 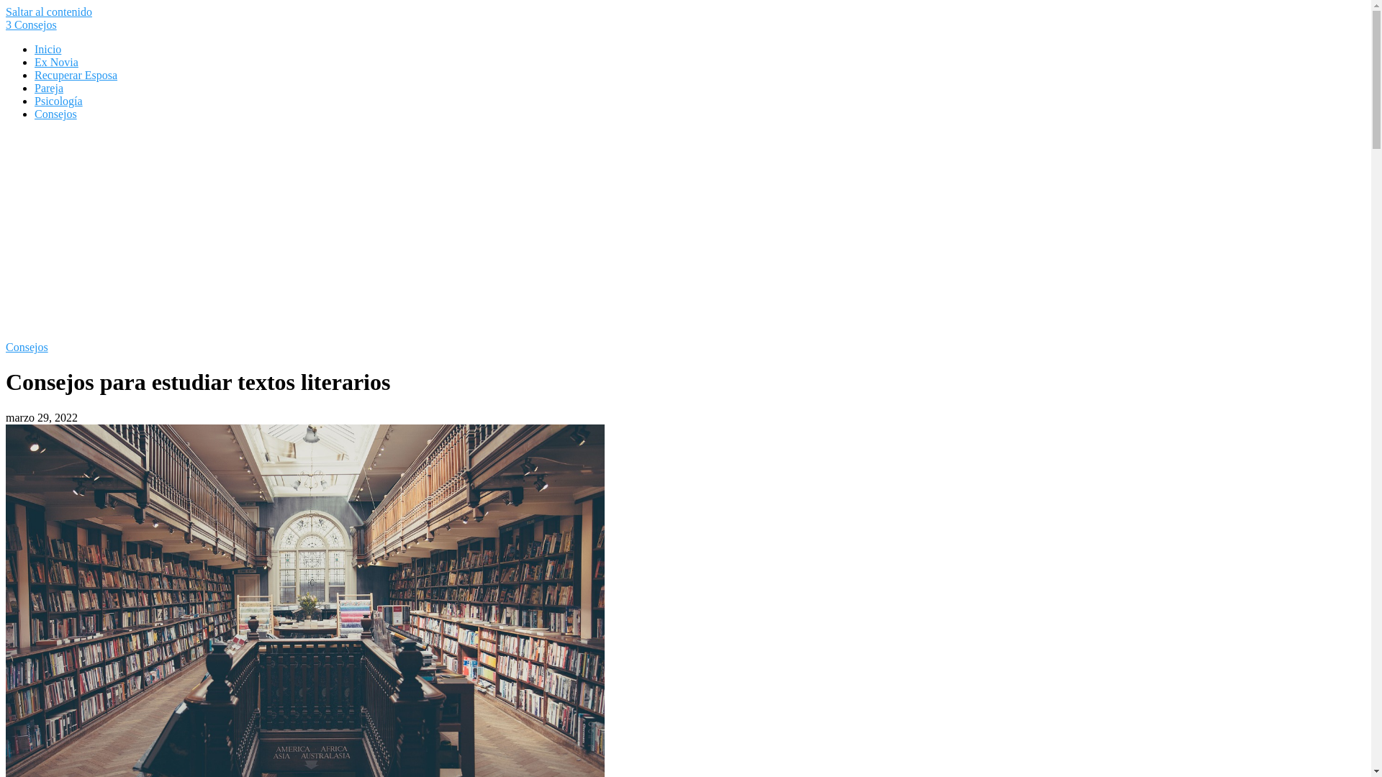 What do you see at coordinates (55, 113) in the screenshot?
I see `'Consejos'` at bounding box center [55, 113].